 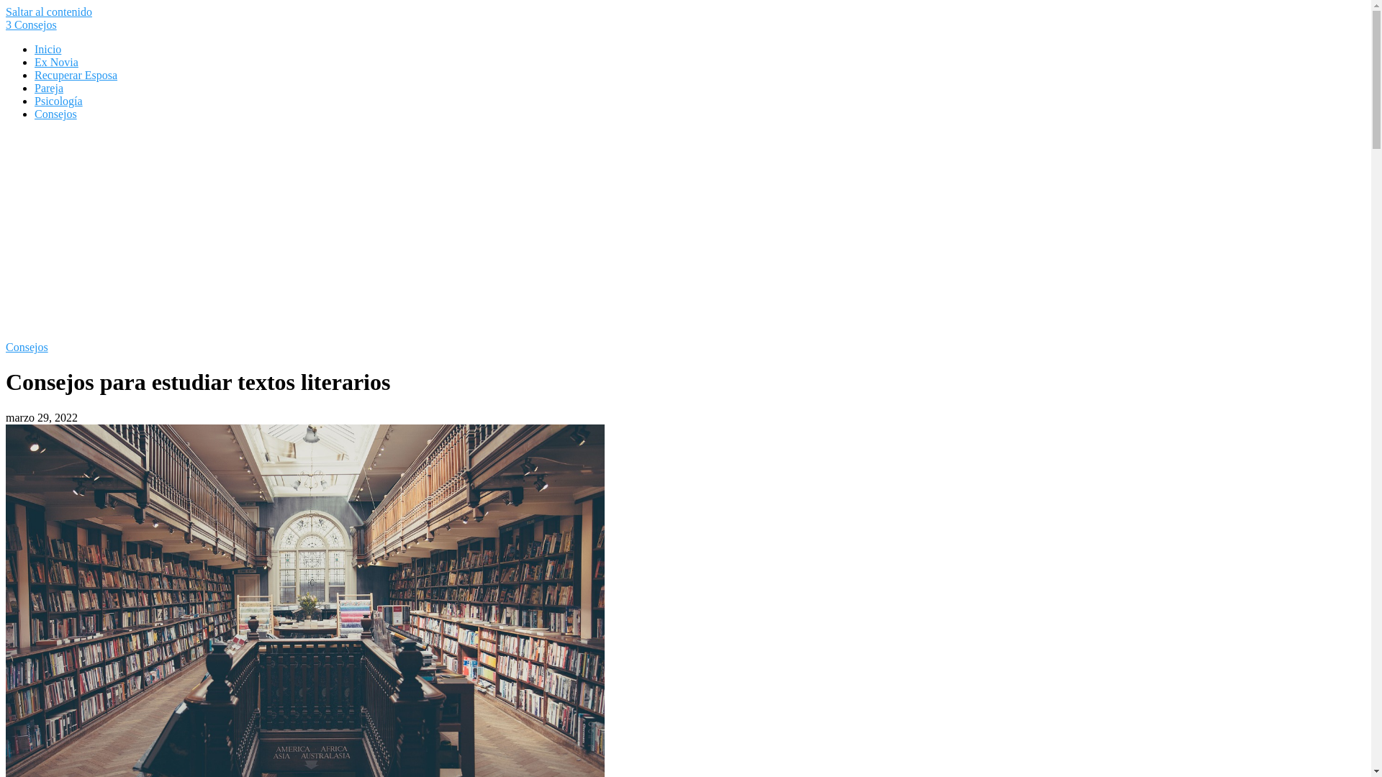 What do you see at coordinates (55, 113) in the screenshot?
I see `'Consejos'` at bounding box center [55, 113].